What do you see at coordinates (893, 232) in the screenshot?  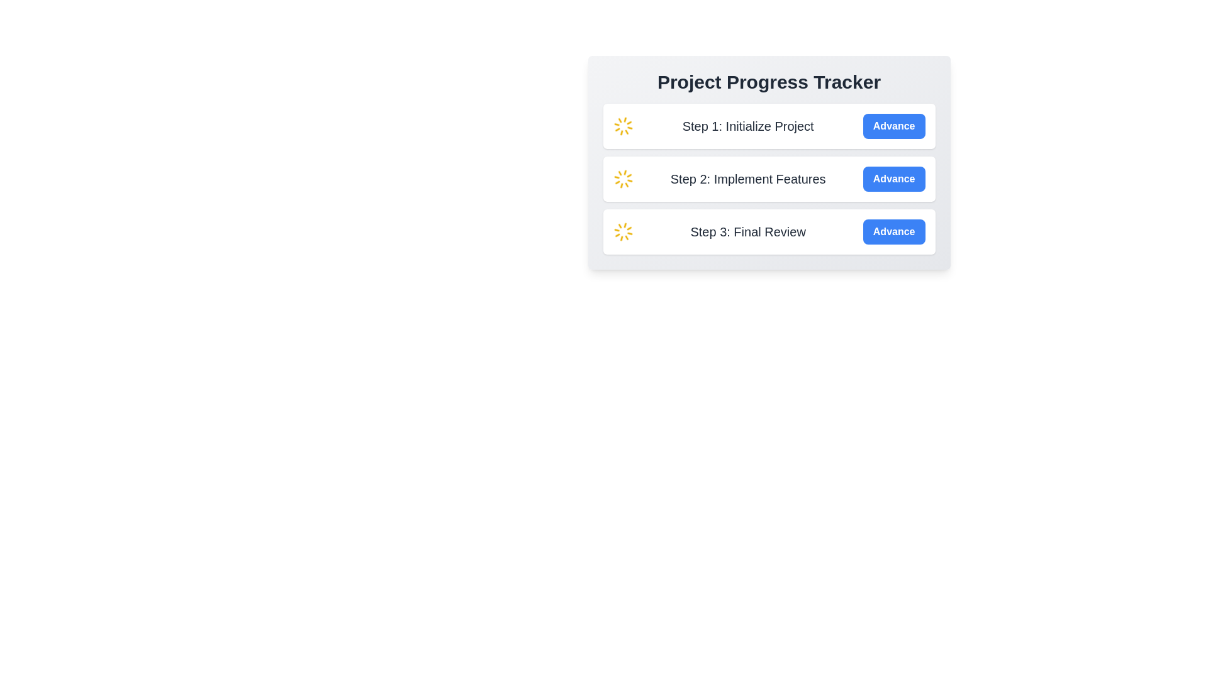 I see `the button labeled 'Step 3: Final Review' located in the bottom row of the project steps to proceed to the next step` at bounding box center [893, 232].